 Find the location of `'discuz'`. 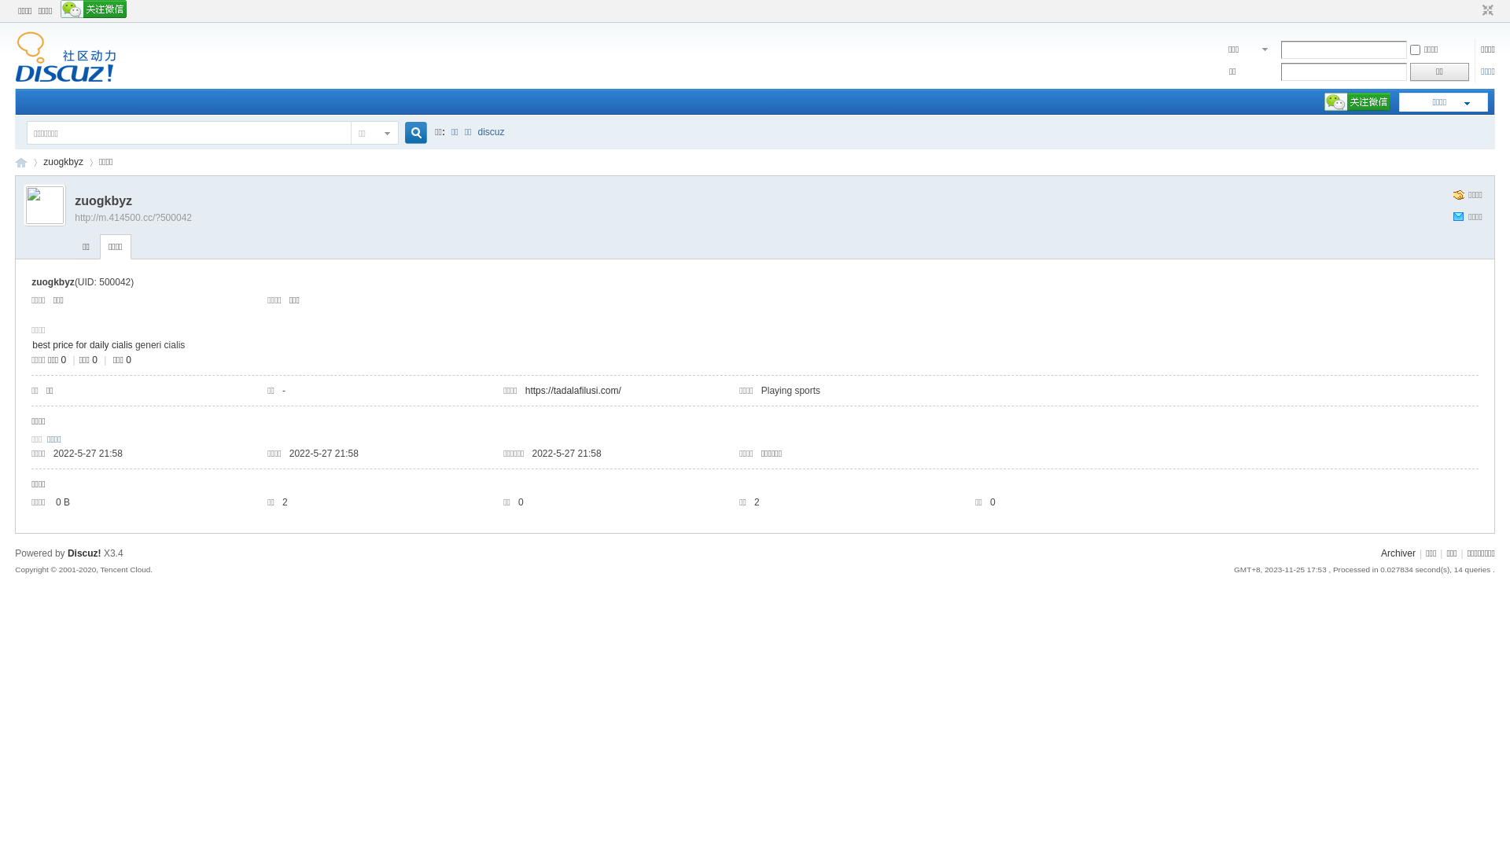

'discuz' is located at coordinates (490, 131).